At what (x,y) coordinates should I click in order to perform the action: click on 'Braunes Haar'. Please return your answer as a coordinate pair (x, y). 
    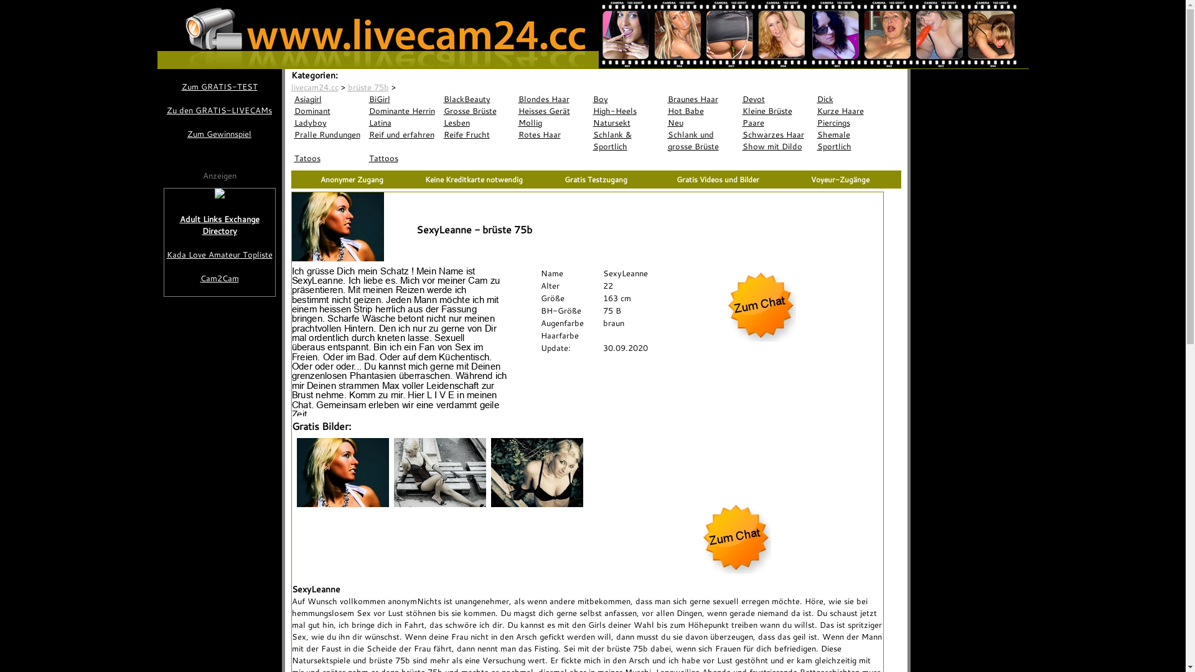
    Looking at the image, I should click on (702, 98).